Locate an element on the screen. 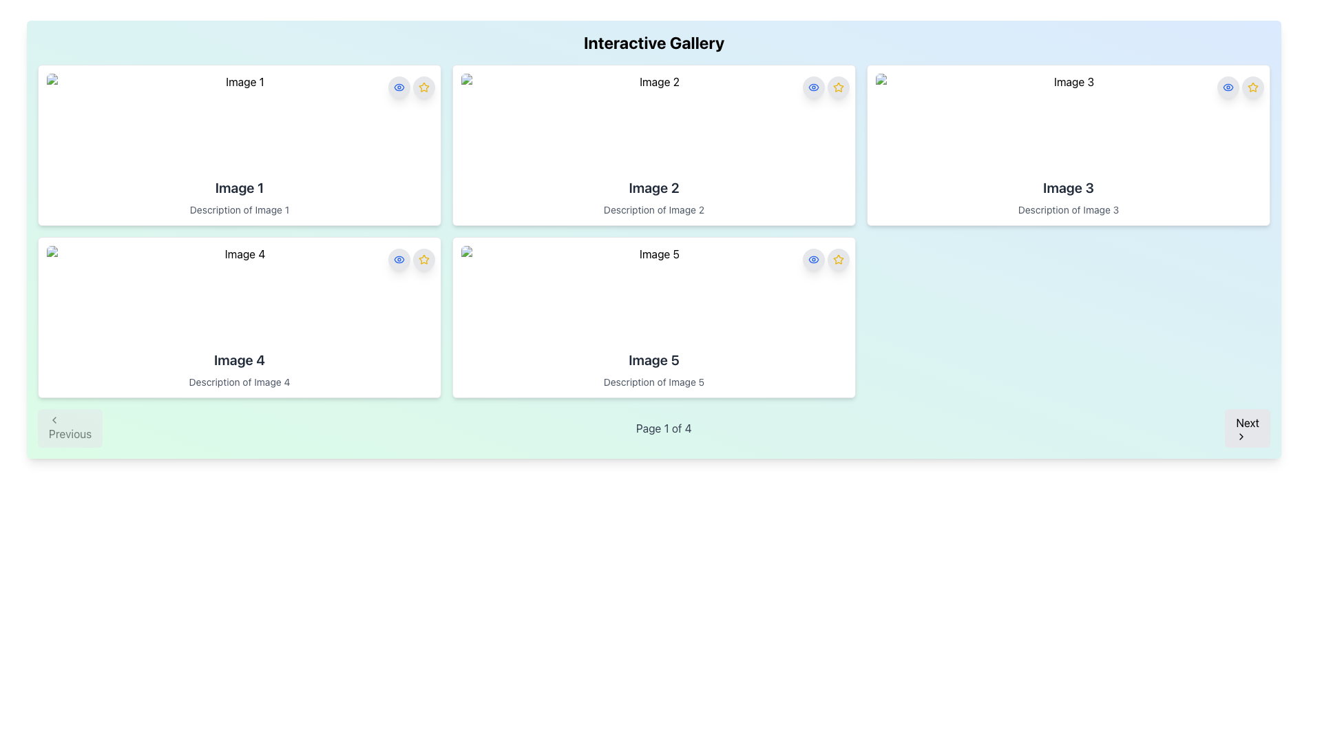 Image resolution: width=1322 pixels, height=744 pixels. the textual heading 'Image 5' which is styled with a larger font size, bold weight, and dark gray color, located in the second row, third column of a 2x3 grid layout is located at coordinates (653, 360).